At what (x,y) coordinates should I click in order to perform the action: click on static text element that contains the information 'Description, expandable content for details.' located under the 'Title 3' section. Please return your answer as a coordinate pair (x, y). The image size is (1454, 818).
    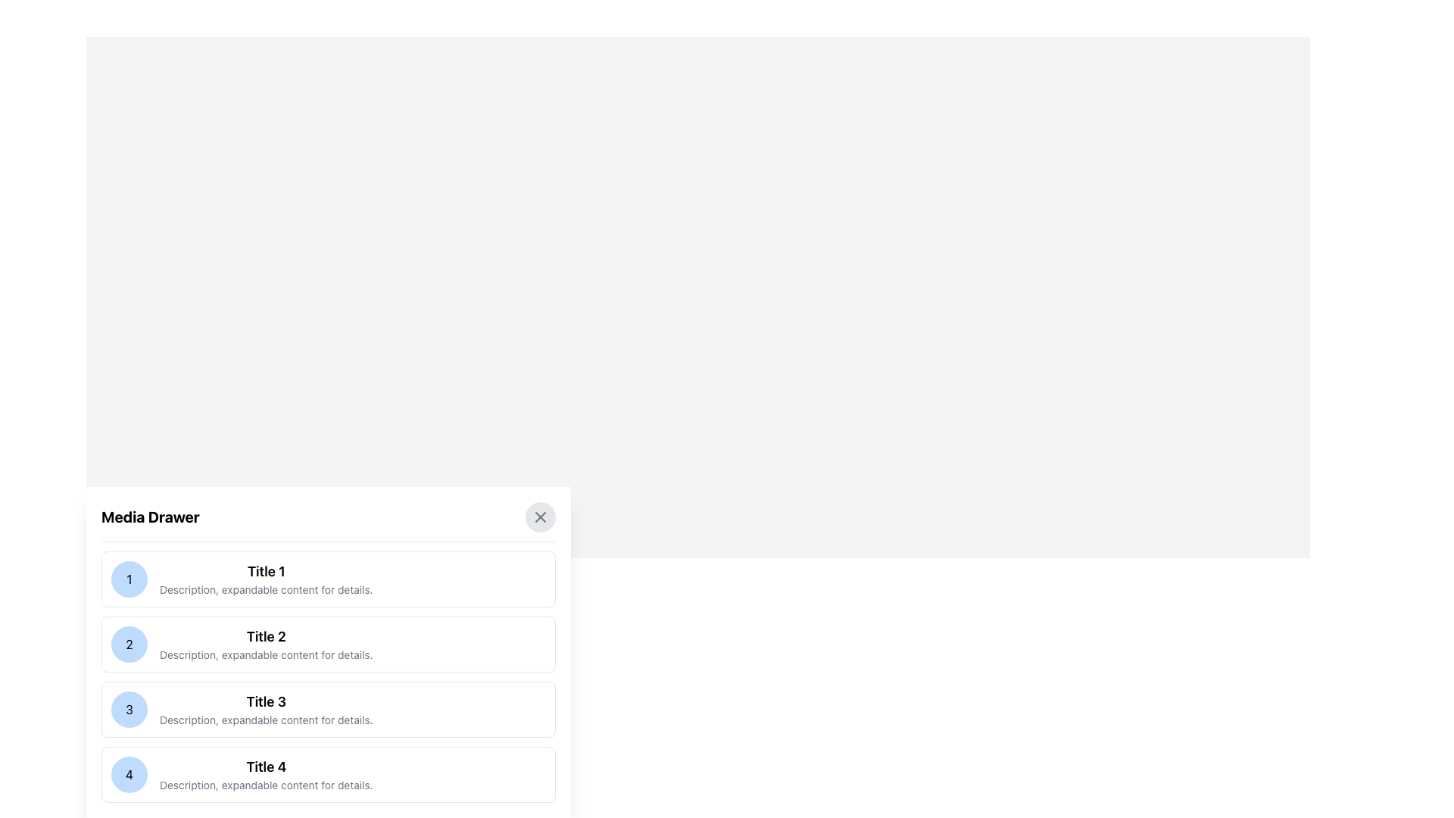
    Looking at the image, I should click on (266, 720).